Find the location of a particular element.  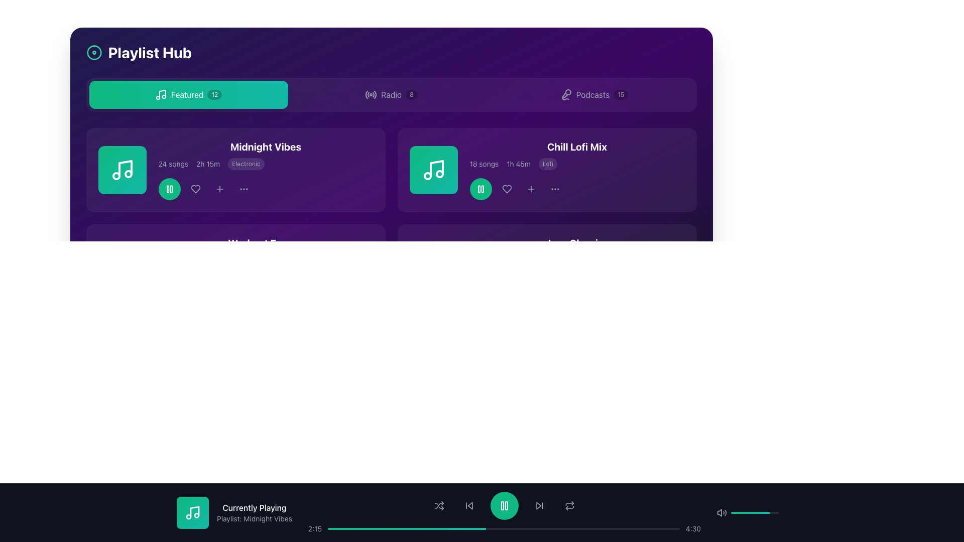

the volume control slider located in the bottom-right corner of the footer area, to the right of the text '4:30', for additional visual feedback is located at coordinates (752, 513).